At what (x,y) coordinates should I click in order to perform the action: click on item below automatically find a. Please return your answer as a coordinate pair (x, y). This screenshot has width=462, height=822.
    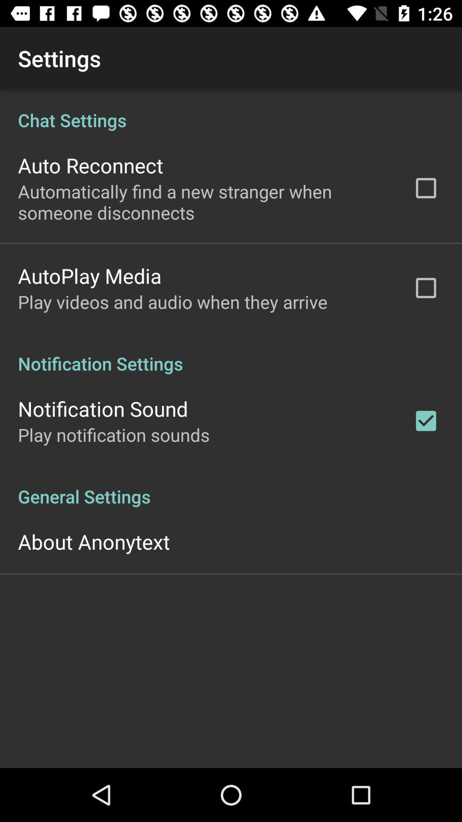
    Looking at the image, I should click on (89, 276).